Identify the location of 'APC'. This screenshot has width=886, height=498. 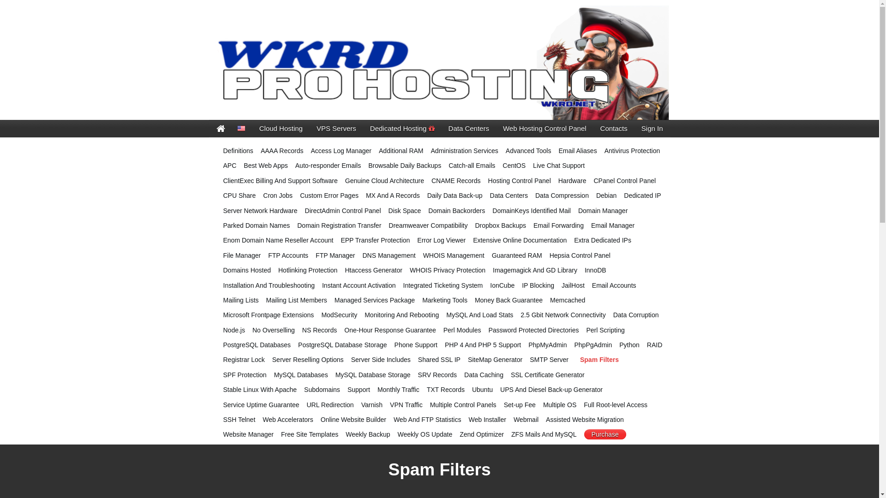
(223, 165).